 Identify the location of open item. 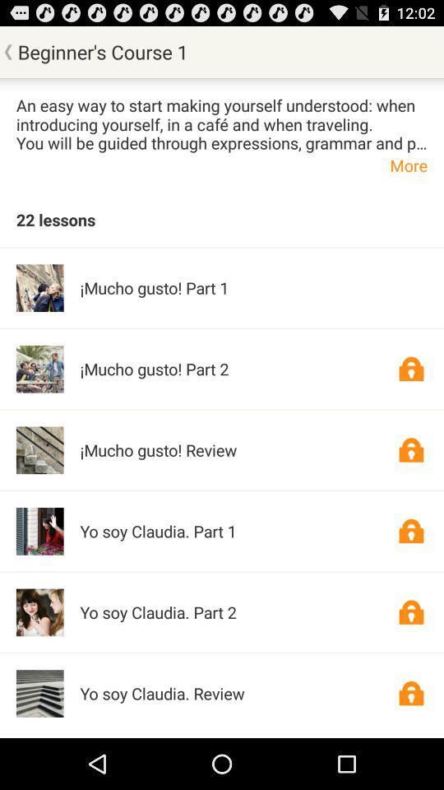
(410, 530).